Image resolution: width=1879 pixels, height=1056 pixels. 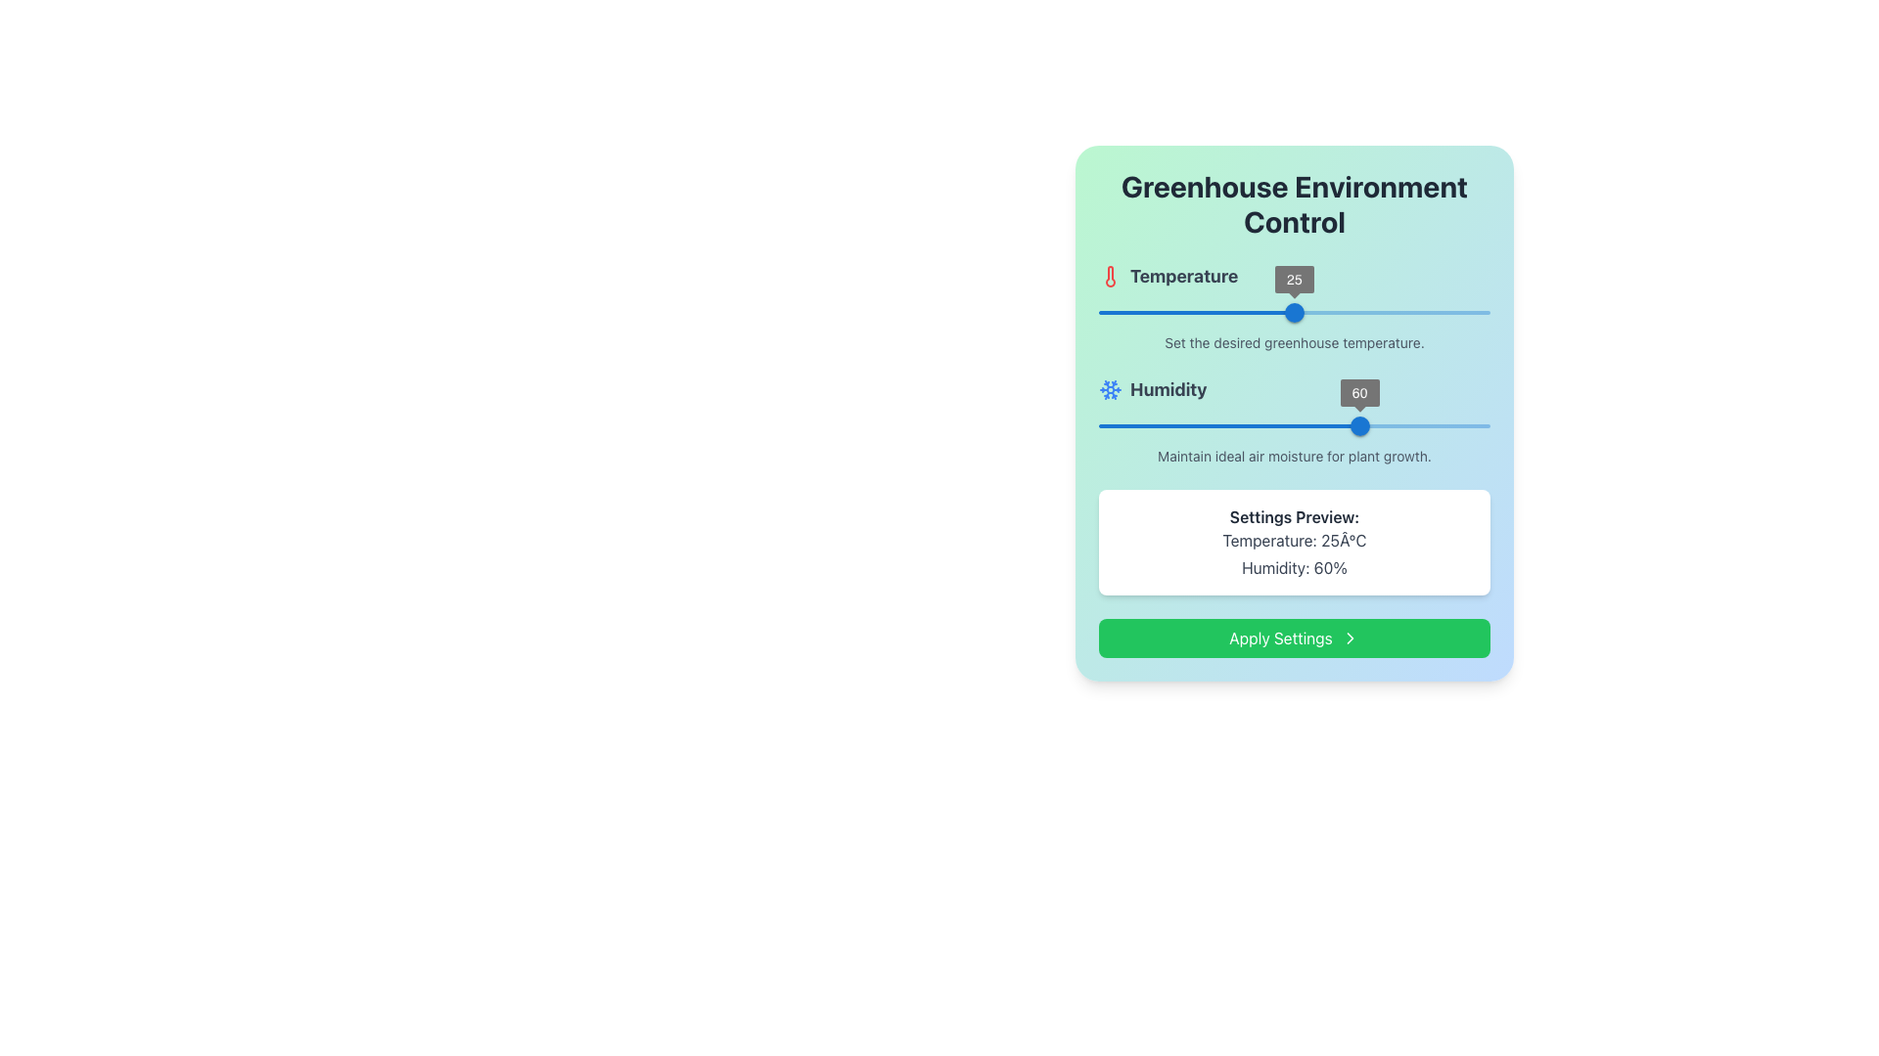 What do you see at coordinates (1295, 456) in the screenshot?
I see `text label providing guidance on setting the humidity level for the greenhouse, located directly below the slider labeled '60' and captioned 'Humidity'` at bounding box center [1295, 456].